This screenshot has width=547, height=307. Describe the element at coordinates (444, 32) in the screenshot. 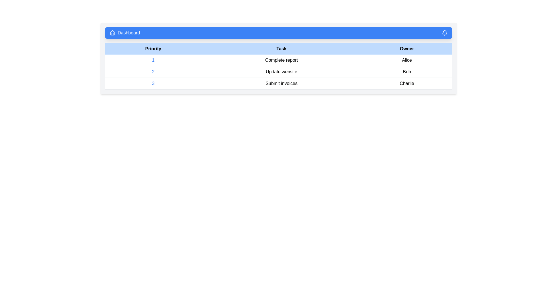

I see `the notification icon located in the top-right corner of the application interface within the blue navigation bar` at that location.